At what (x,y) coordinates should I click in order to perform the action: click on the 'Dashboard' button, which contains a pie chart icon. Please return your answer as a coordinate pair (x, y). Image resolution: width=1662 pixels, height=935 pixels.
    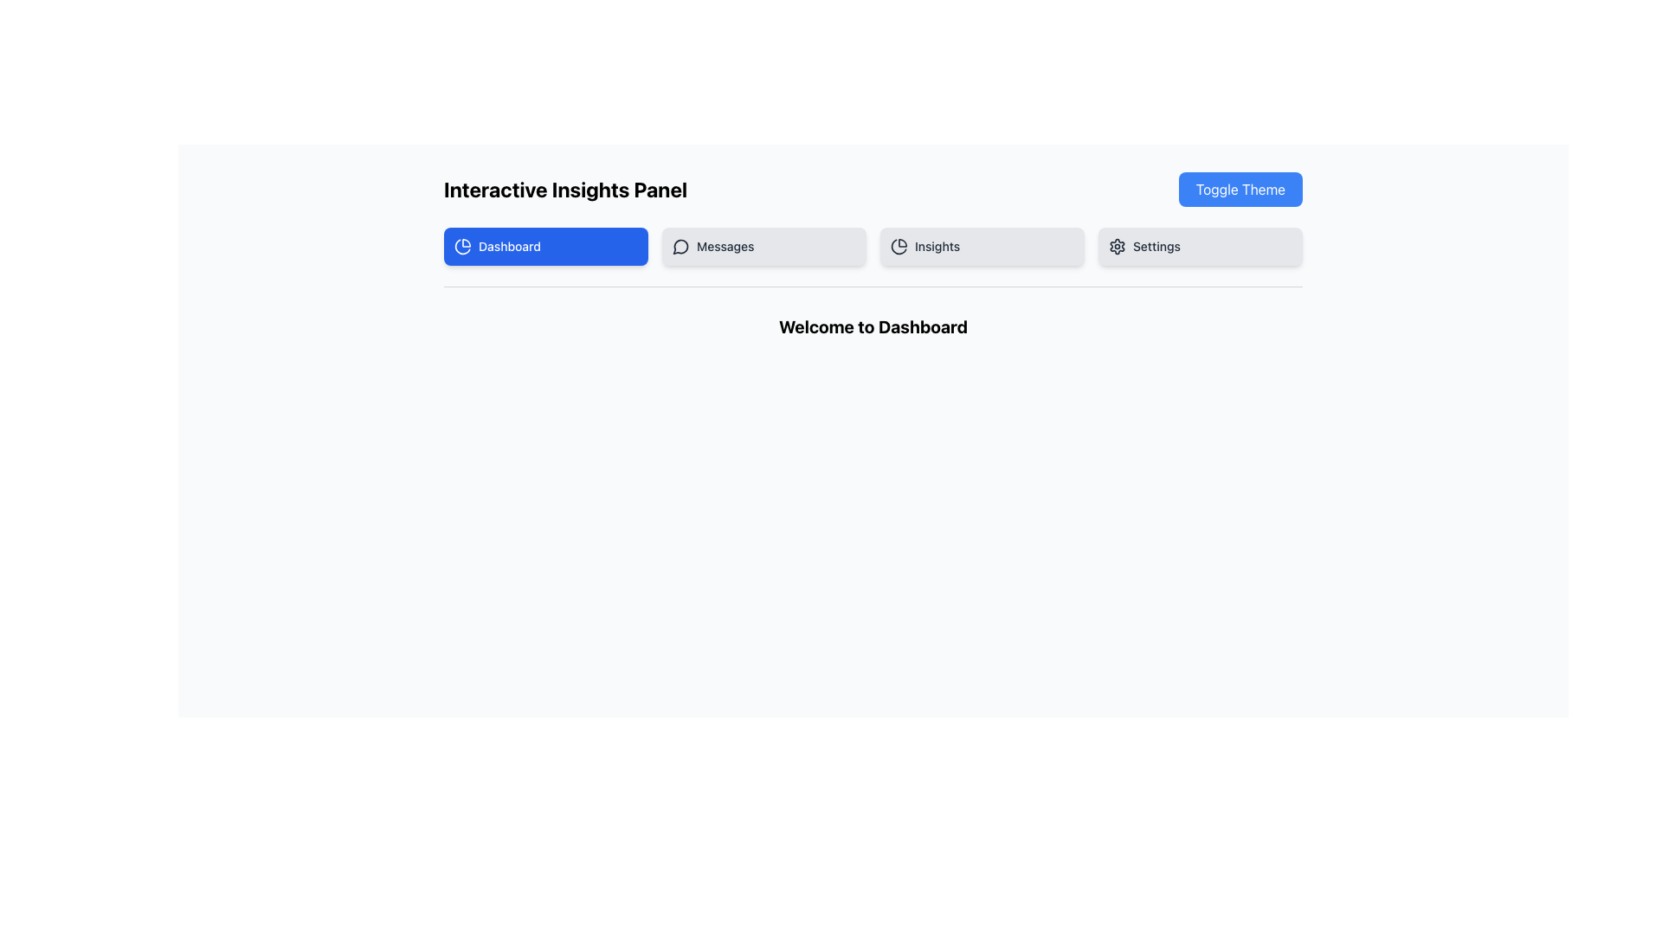
    Looking at the image, I should click on (462, 247).